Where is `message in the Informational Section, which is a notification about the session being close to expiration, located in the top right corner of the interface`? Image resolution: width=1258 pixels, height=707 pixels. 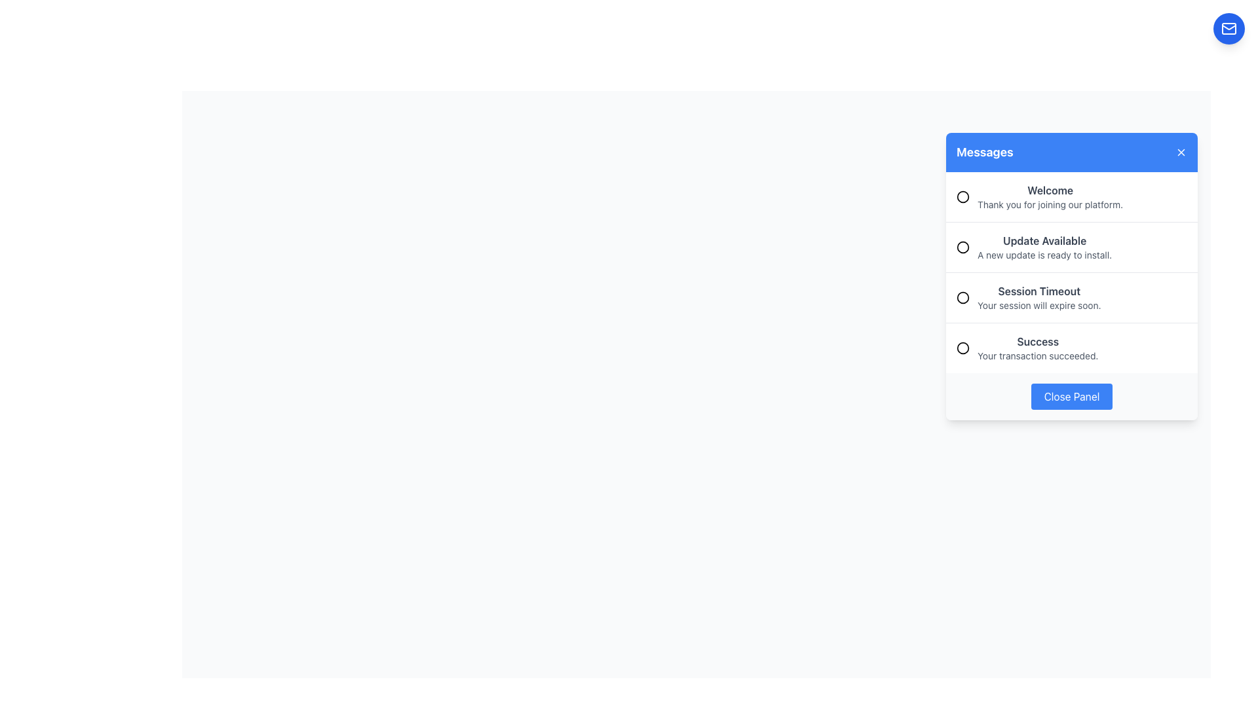 message in the Informational Section, which is a notification about the session being close to expiration, located in the top right corner of the interface is located at coordinates (1072, 275).